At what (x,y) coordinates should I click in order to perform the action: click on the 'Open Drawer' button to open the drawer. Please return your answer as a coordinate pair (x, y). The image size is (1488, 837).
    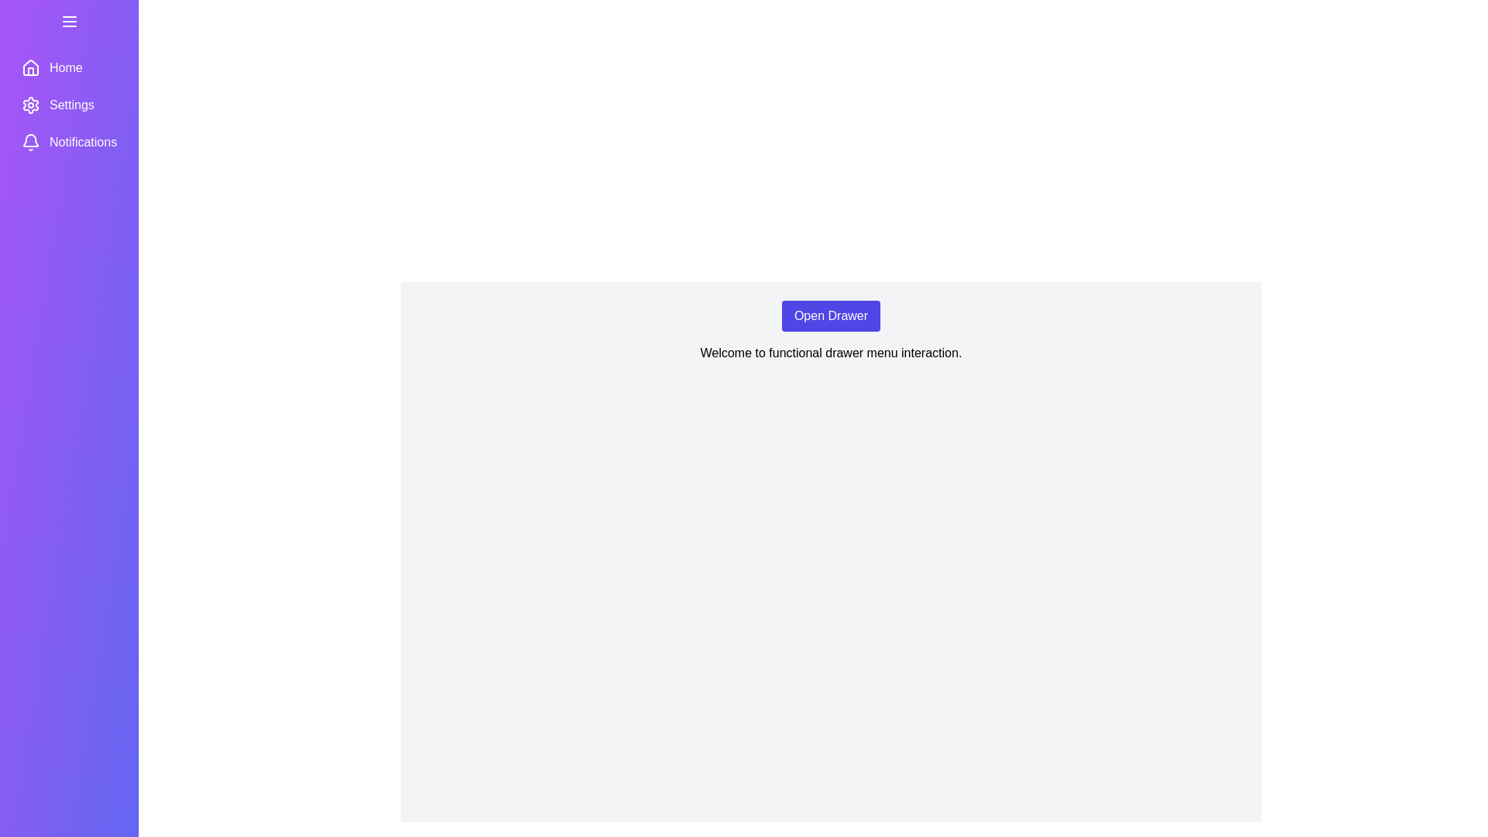
    Looking at the image, I should click on (830, 315).